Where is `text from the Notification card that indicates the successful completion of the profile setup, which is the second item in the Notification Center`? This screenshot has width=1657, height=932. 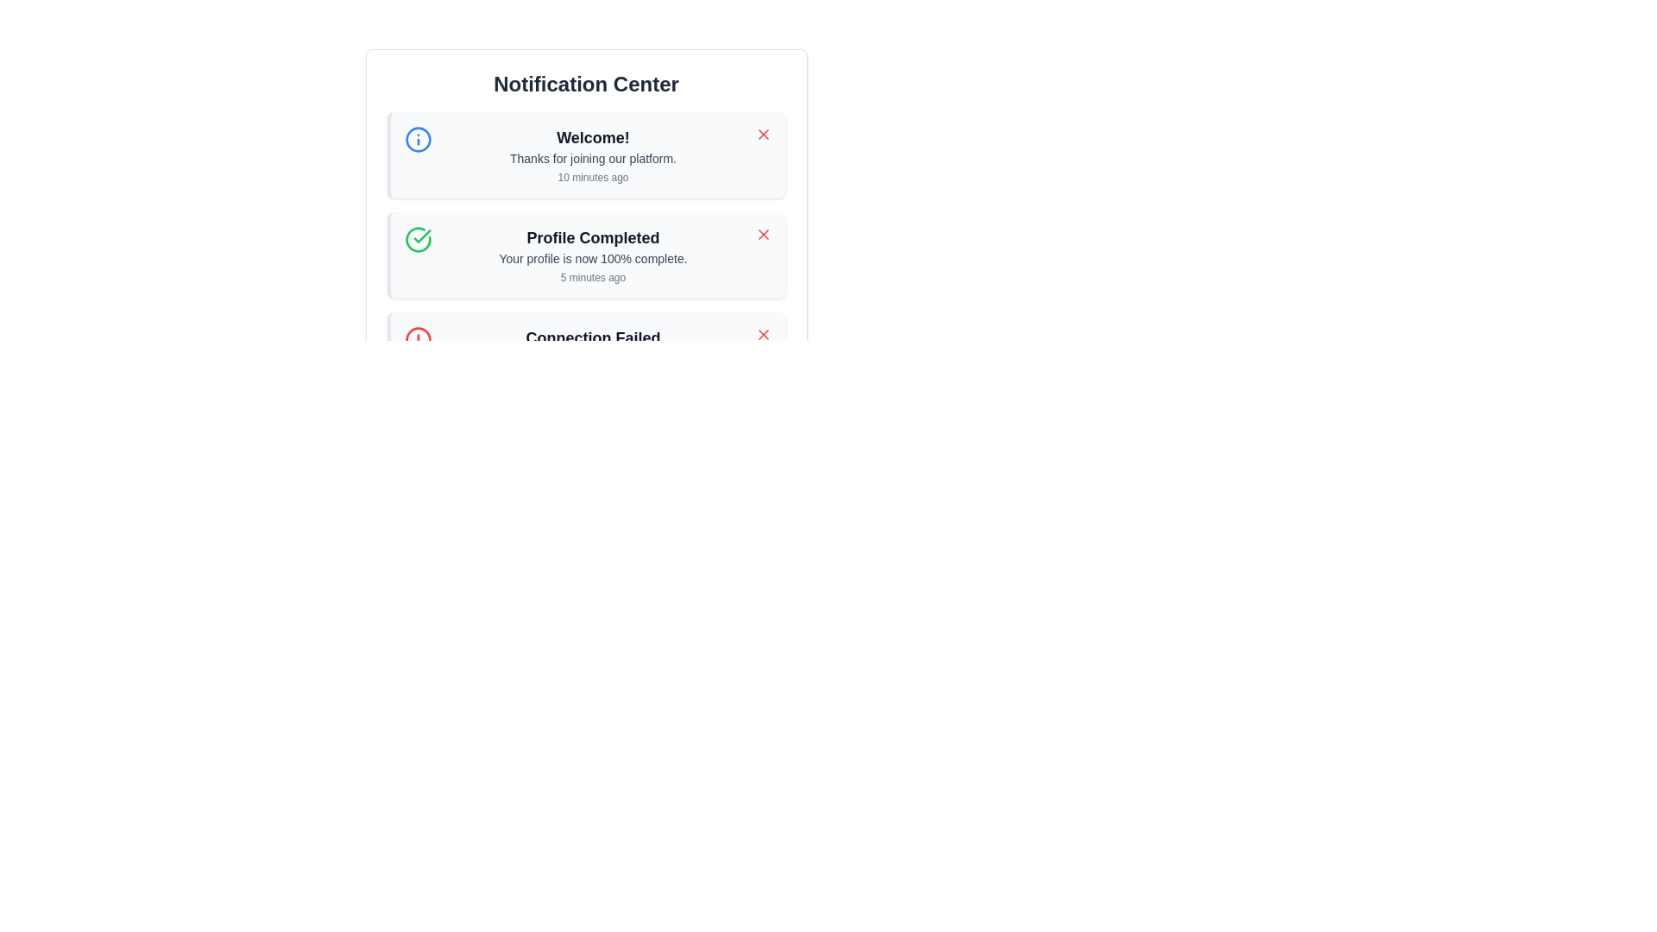 text from the Notification card that indicates the successful completion of the profile setup, which is the second item in the Notification Center is located at coordinates (586, 255).